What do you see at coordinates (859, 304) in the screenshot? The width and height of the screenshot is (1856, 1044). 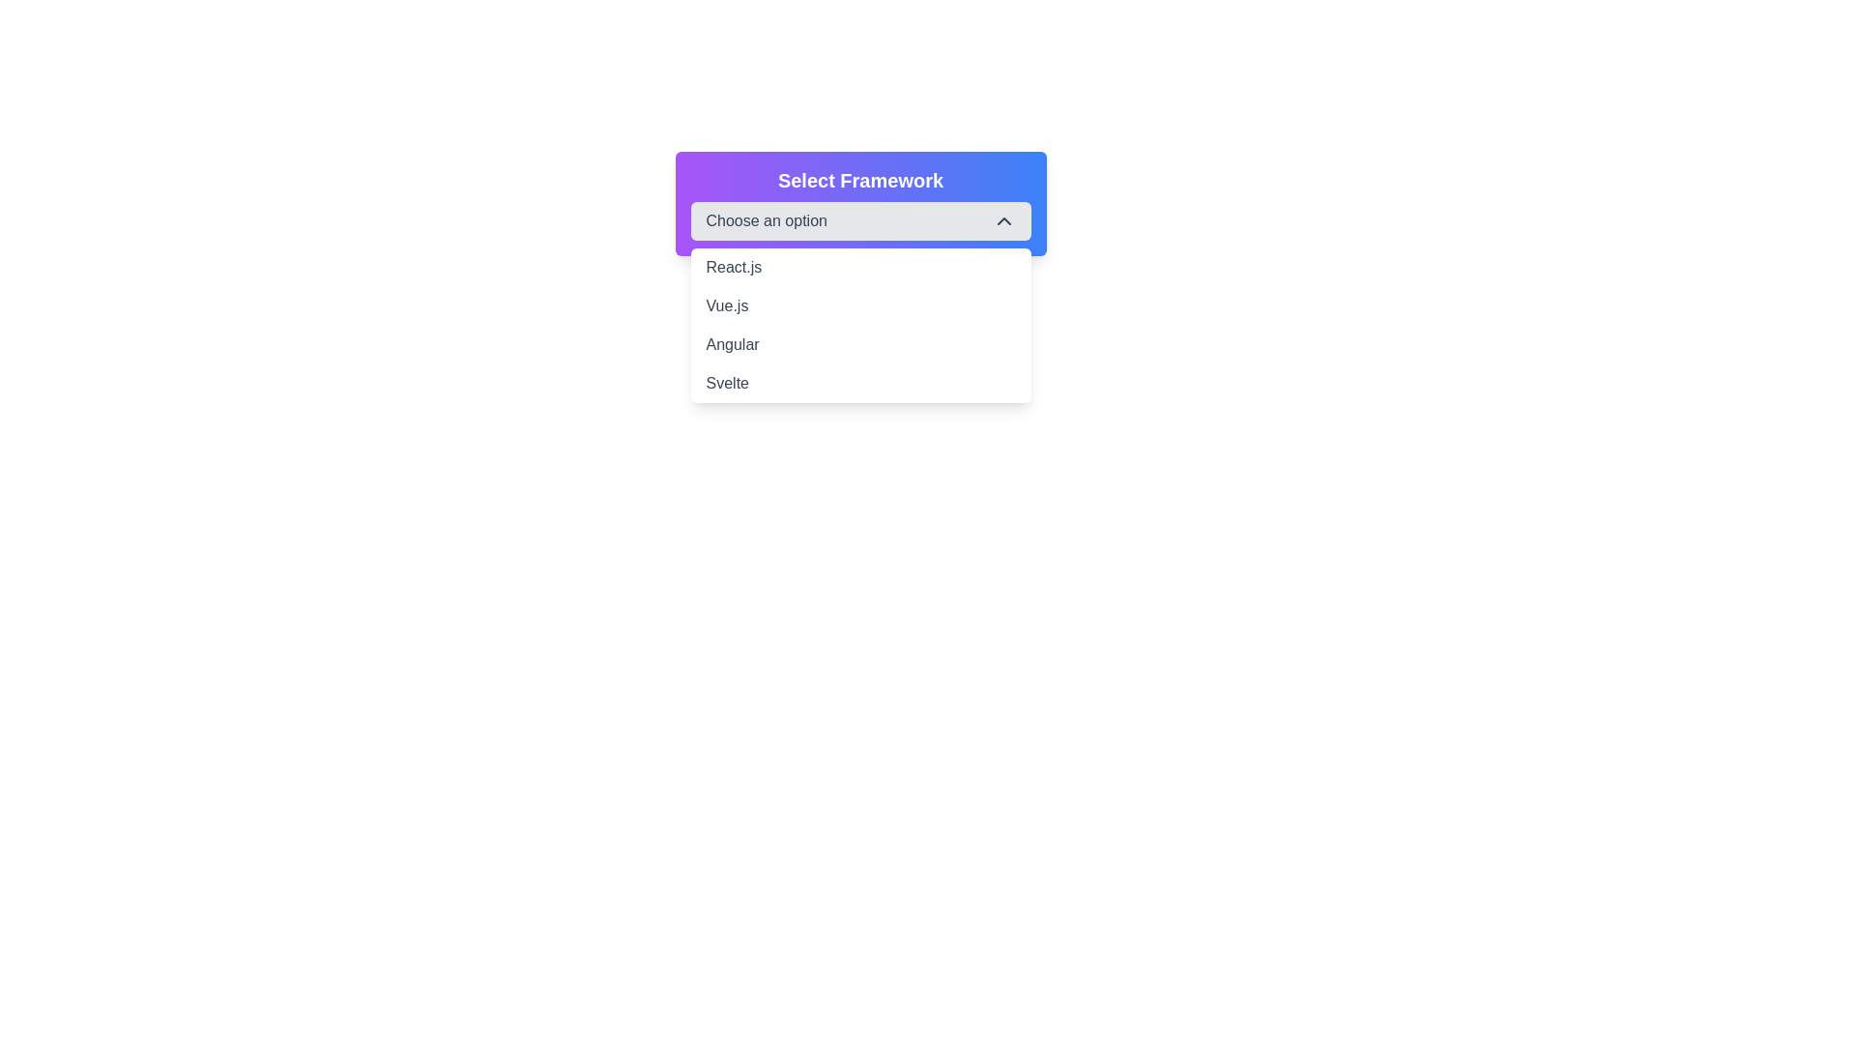 I see `the 'Vue.js' selectable dropdown menu item located in the dropdown list, positioned below 'React.js' and above 'Angular'` at bounding box center [859, 304].